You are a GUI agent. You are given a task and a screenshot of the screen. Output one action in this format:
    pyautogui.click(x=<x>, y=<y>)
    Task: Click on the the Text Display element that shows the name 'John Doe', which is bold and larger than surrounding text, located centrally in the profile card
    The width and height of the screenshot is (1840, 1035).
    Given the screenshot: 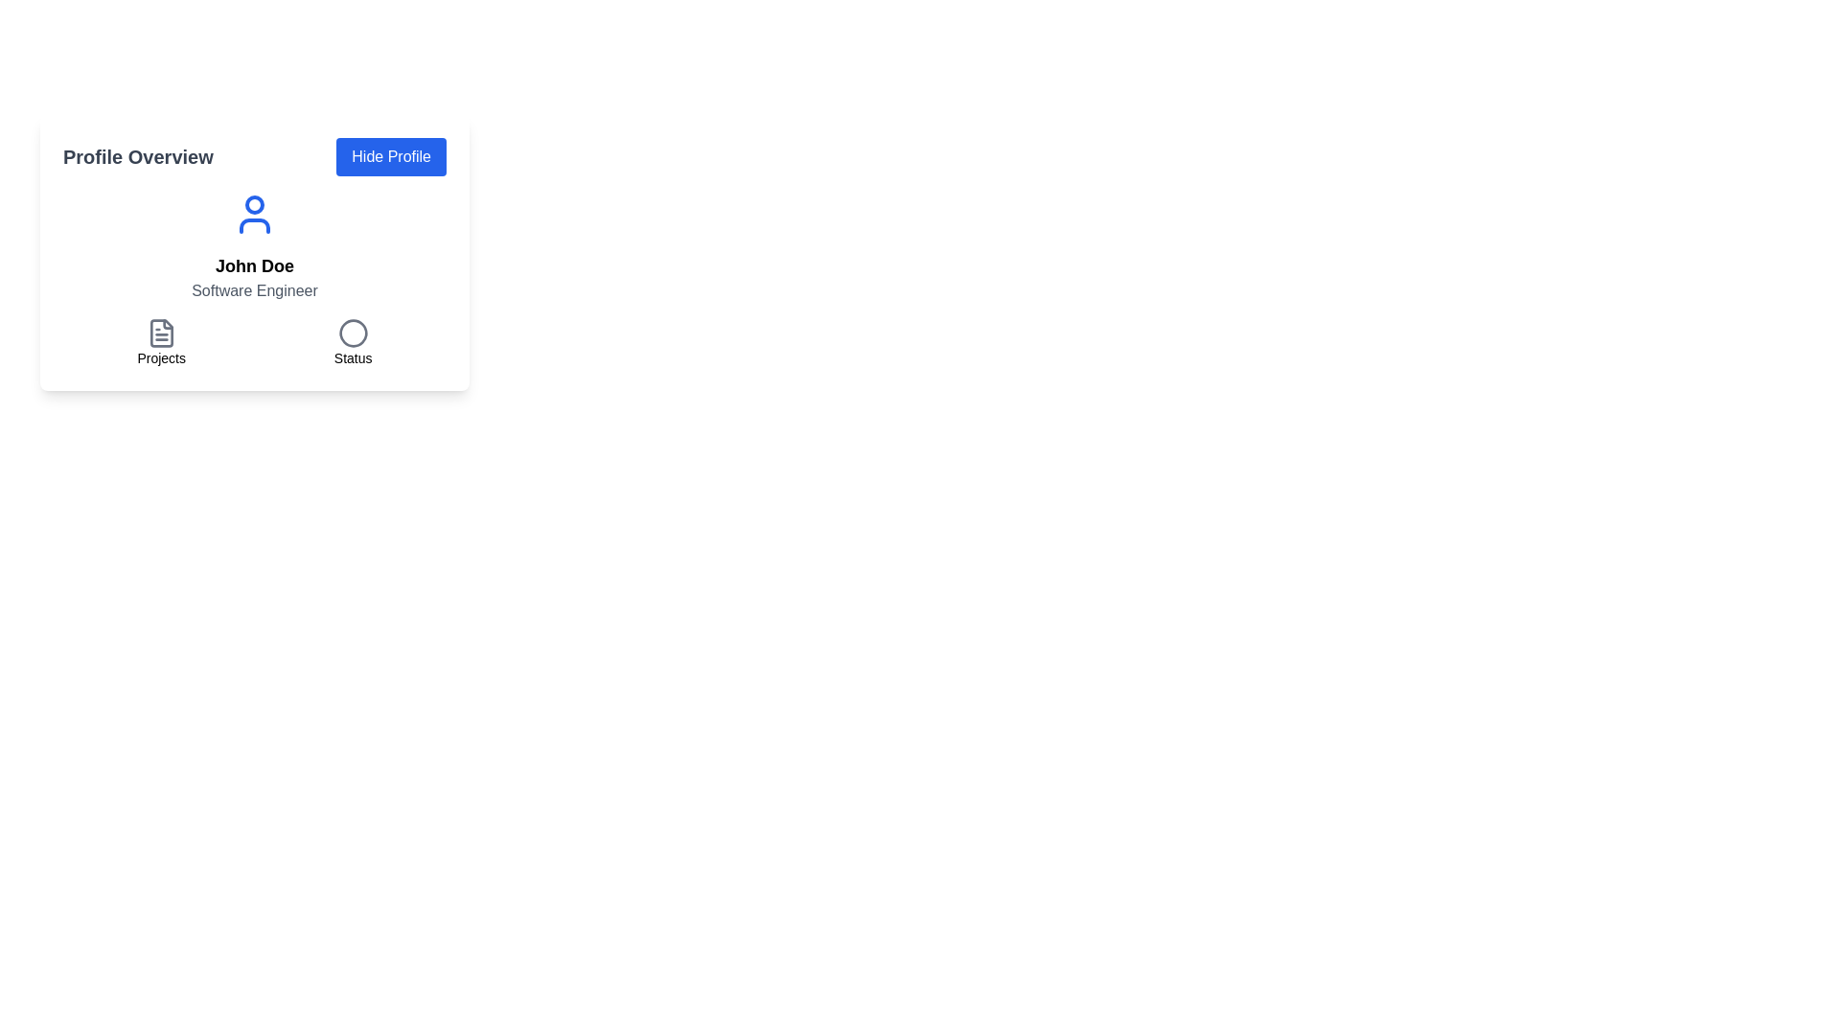 What is the action you would take?
    pyautogui.click(x=253, y=265)
    